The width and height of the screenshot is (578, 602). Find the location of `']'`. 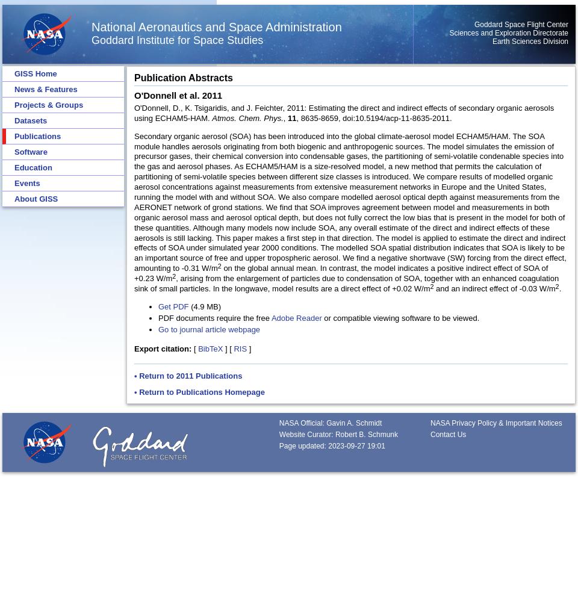

']' is located at coordinates (248, 347).